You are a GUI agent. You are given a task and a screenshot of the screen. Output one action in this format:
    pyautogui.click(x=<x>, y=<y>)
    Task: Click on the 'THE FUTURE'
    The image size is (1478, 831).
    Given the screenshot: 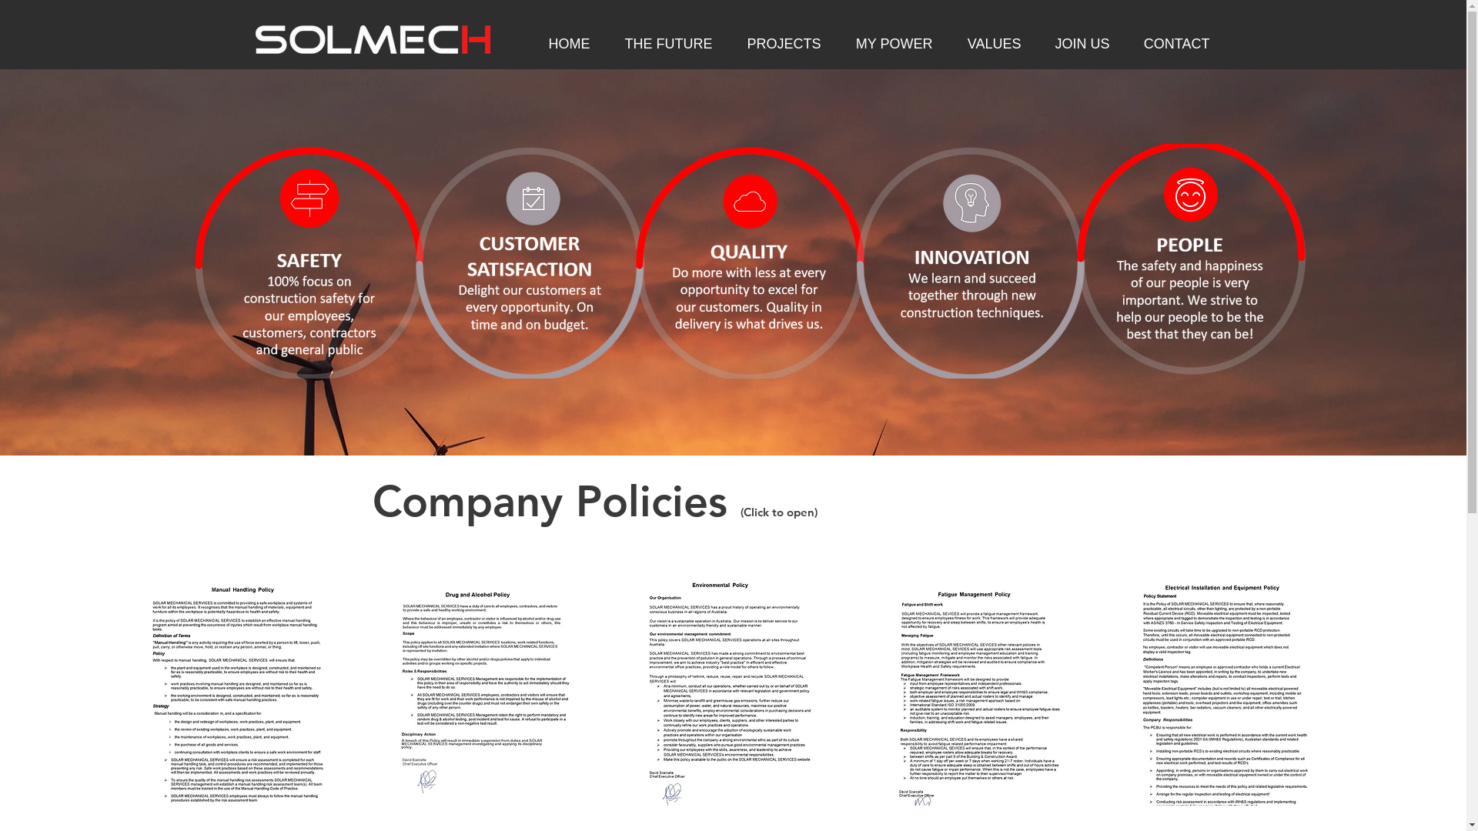 What is the action you would take?
    pyautogui.click(x=663, y=43)
    